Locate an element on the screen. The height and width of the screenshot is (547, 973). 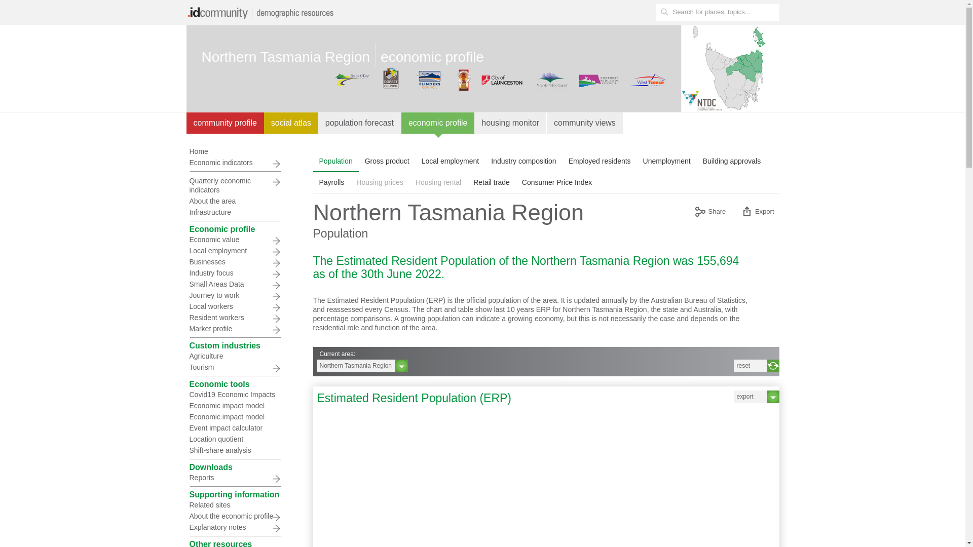
'population forecast' is located at coordinates (360, 123).